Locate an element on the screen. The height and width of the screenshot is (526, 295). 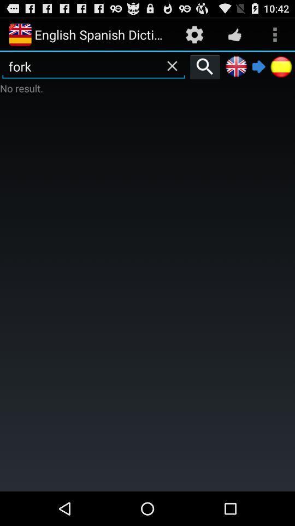
app next to the english spanish dictionary is located at coordinates (194, 34).